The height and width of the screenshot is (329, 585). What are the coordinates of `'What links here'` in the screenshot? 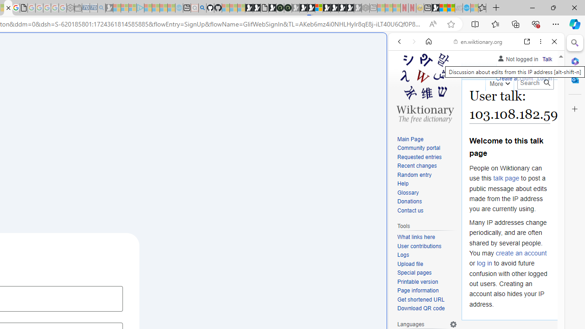 It's located at (427, 237).